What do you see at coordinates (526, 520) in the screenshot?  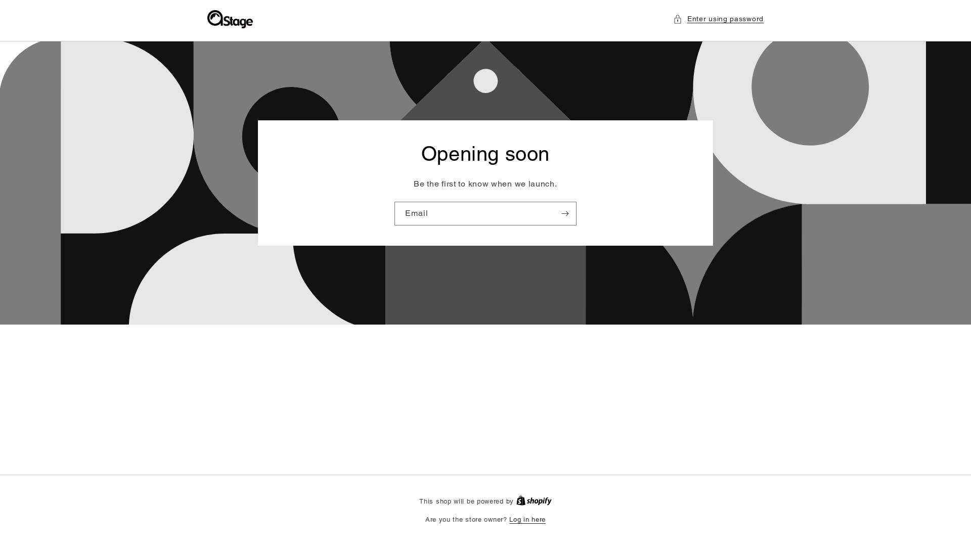 I see `'Log in here'` at bounding box center [526, 520].